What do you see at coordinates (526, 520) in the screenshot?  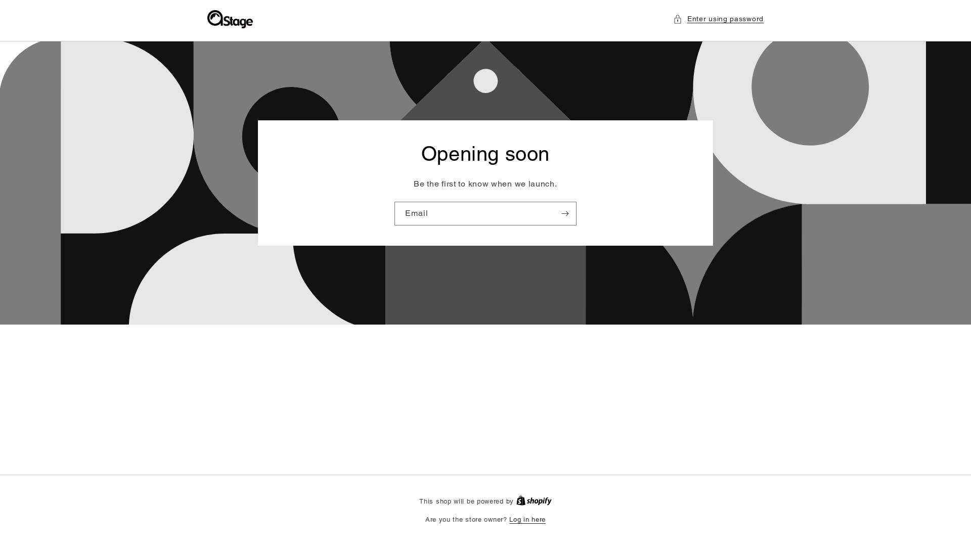 I see `'Log in here'` at bounding box center [526, 520].